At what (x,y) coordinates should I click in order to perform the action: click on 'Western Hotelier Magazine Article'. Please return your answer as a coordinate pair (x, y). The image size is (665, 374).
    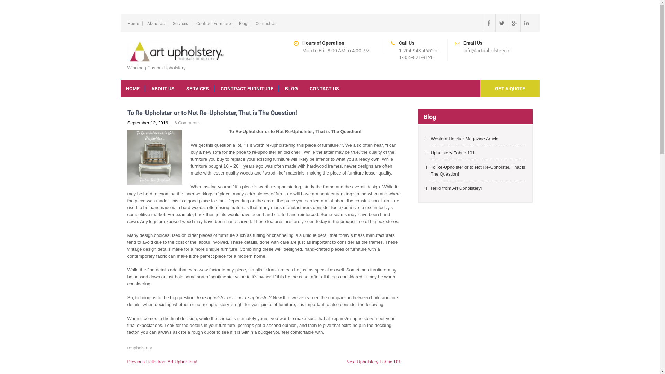
    Looking at the image, I should click on (478, 140).